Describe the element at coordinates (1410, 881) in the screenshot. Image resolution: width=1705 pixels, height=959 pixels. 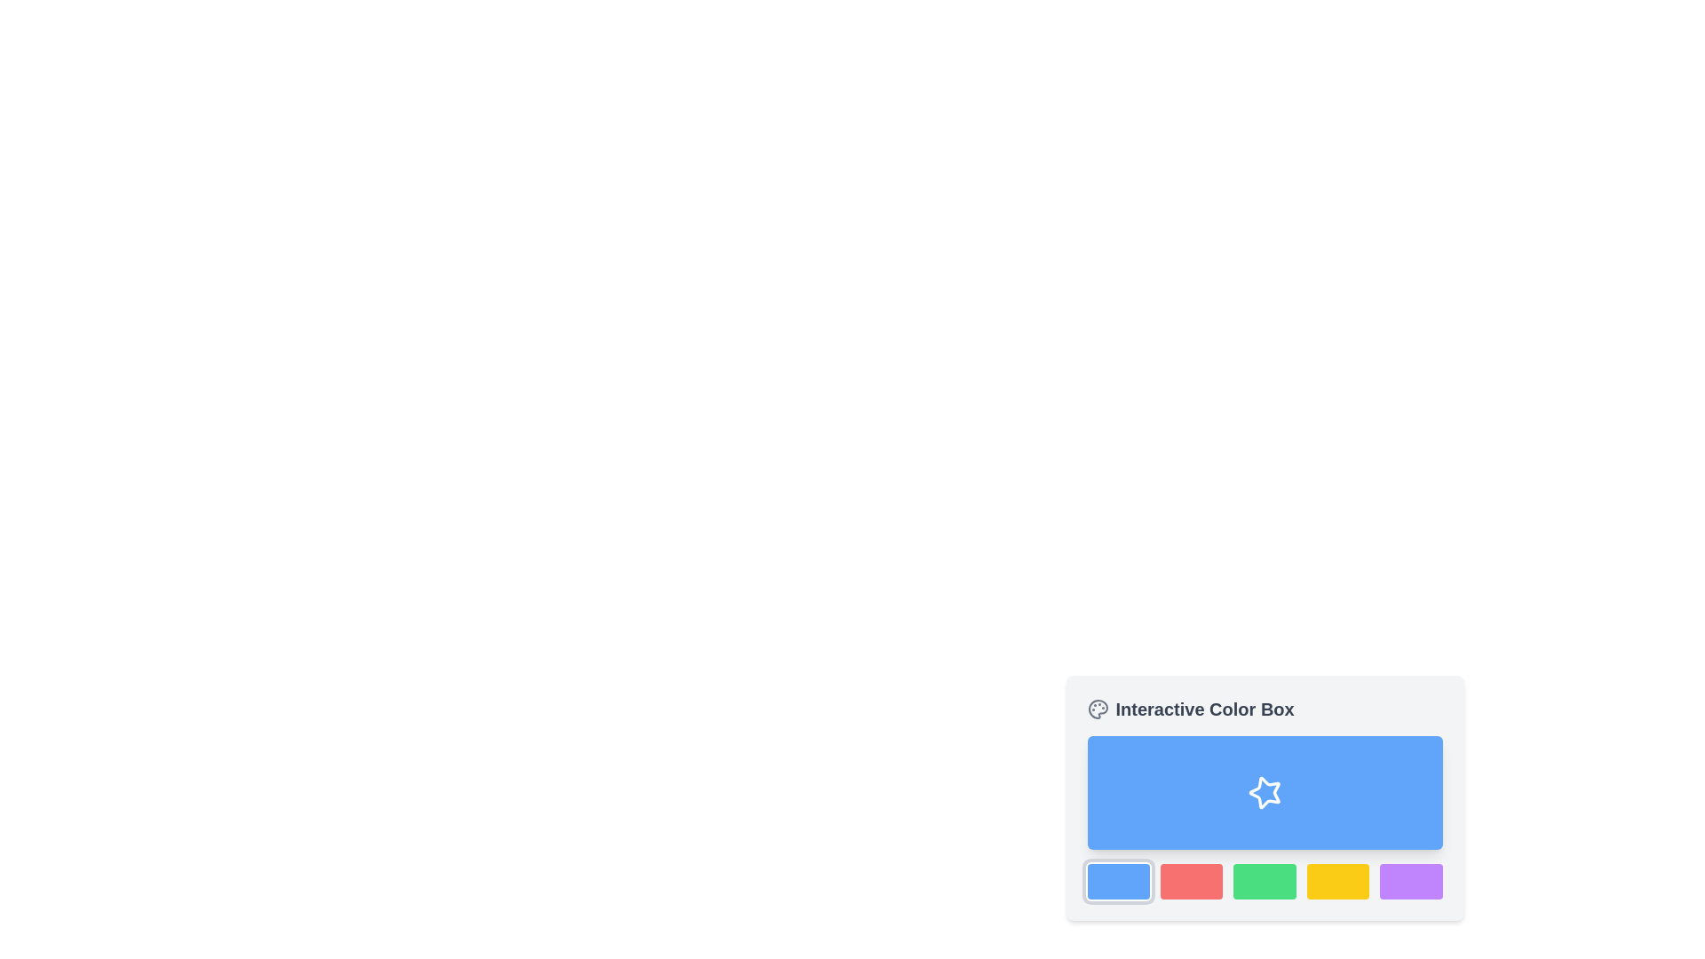
I see `the rectangular button with curved edges and a solid light purple background` at that location.